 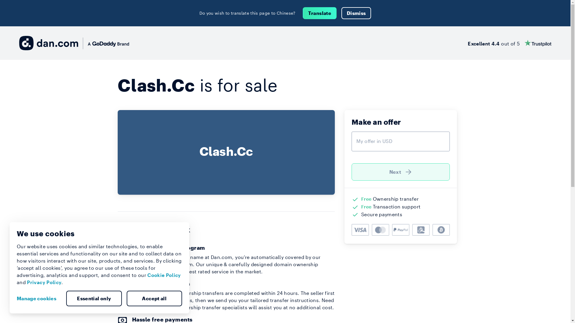 I want to click on 'Translate', so click(x=319, y=13).